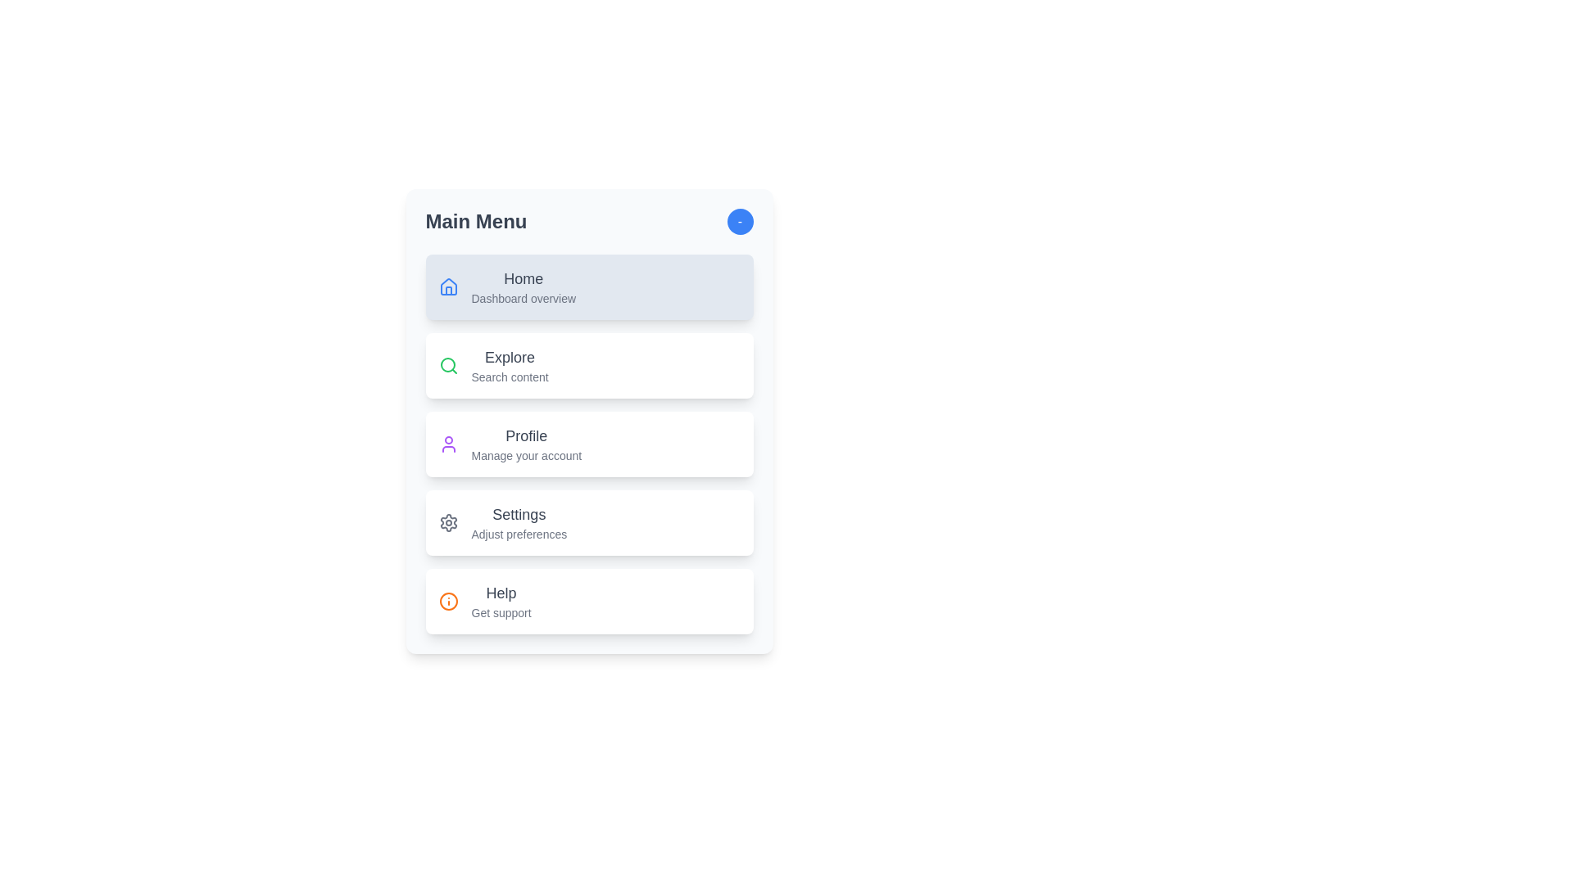 This screenshot has width=1573, height=884. Describe the element at coordinates (589, 286) in the screenshot. I see `the menu item Home by clicking on it` at that location.